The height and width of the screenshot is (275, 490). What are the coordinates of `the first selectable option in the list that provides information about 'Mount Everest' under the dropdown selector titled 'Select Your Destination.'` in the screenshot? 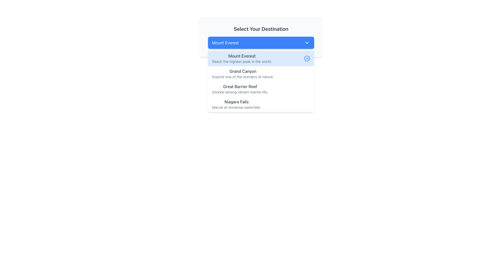 It's located at (242, 58).